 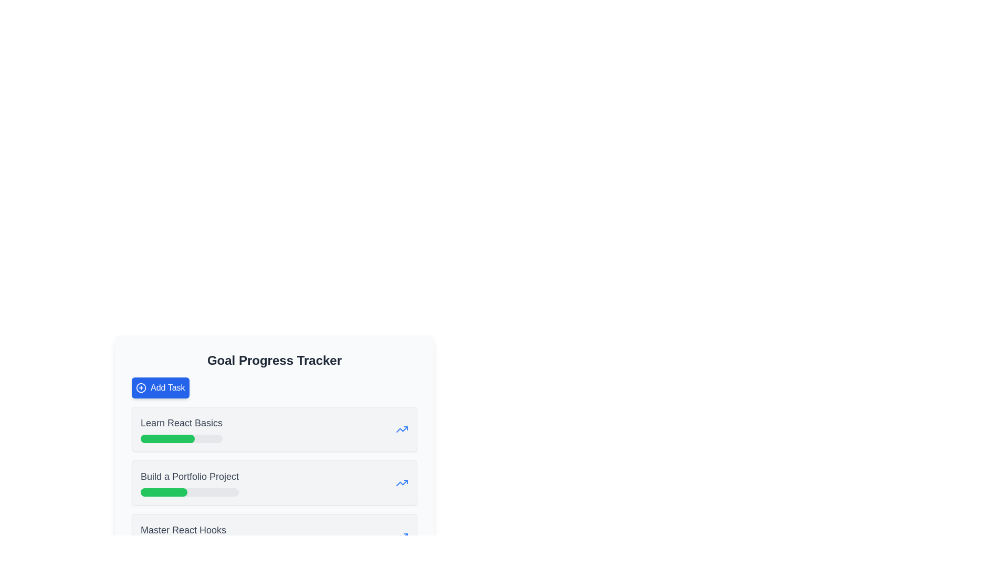 What do you see at coordinates (153, 545) in the screenshot?
I see `the progress bar indicating the completion of the 'Master React Hooks' task in the 'Goal Progress Tracker' section` at bounding box center [153, 545].